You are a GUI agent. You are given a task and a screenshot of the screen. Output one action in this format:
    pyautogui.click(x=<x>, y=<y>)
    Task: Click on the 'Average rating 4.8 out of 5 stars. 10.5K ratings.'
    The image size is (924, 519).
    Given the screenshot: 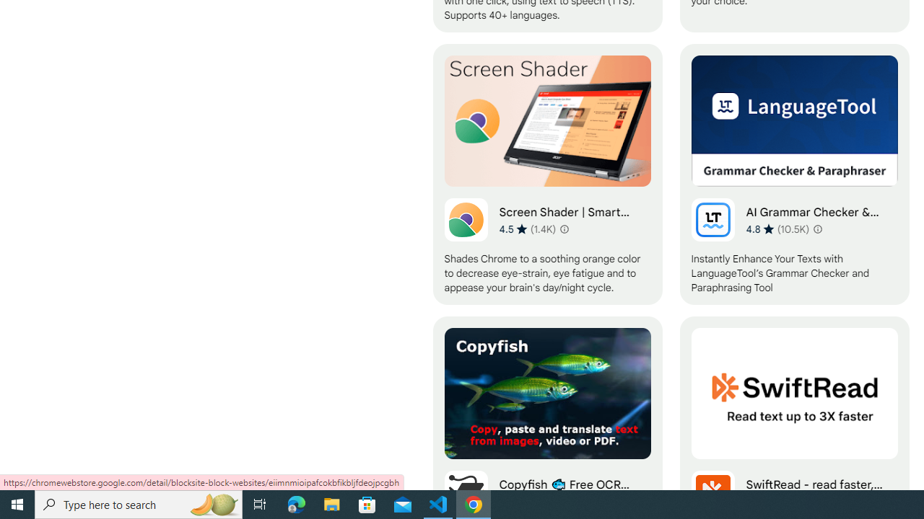 What is the action you would take?
    pyautogui.click(x=777, y=228)
    